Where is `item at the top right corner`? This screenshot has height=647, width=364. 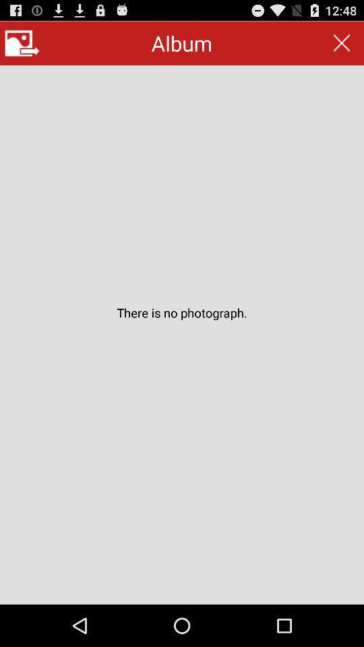
item at the top right corner is located at coordinates (342, 43).